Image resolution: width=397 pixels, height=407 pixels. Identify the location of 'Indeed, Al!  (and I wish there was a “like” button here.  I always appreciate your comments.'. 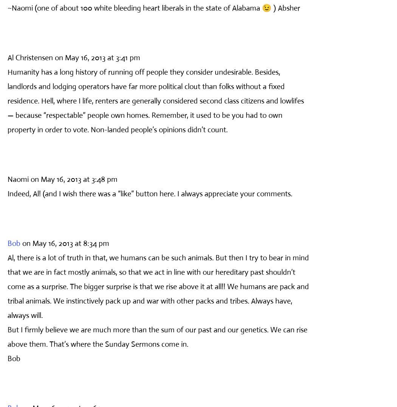
(150, 193).